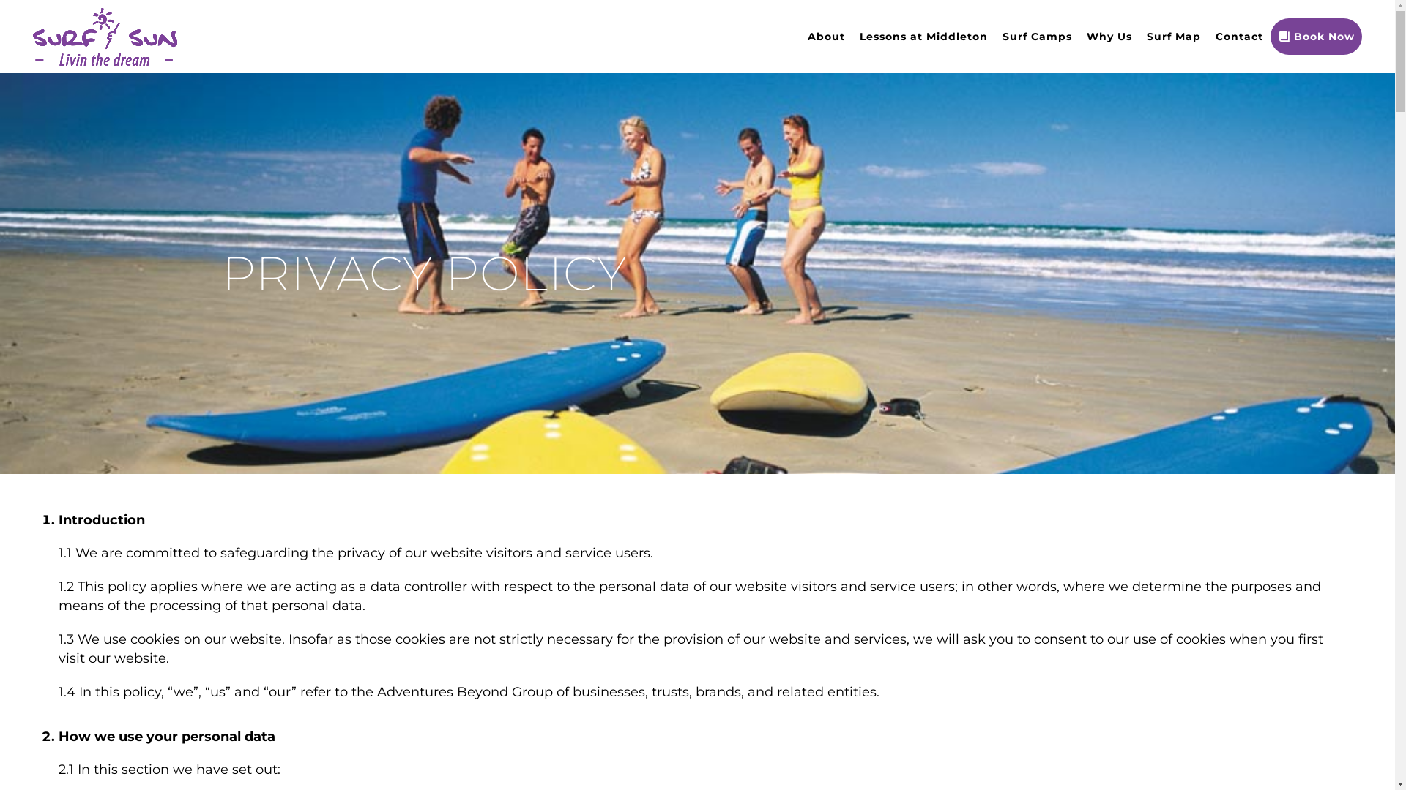 The width and height of the screenshot is (1406, 790). What do you see at coordinates (1109, 36) in the screenshot?
I see `'Why Us'` at bounding box center [1109, 36].